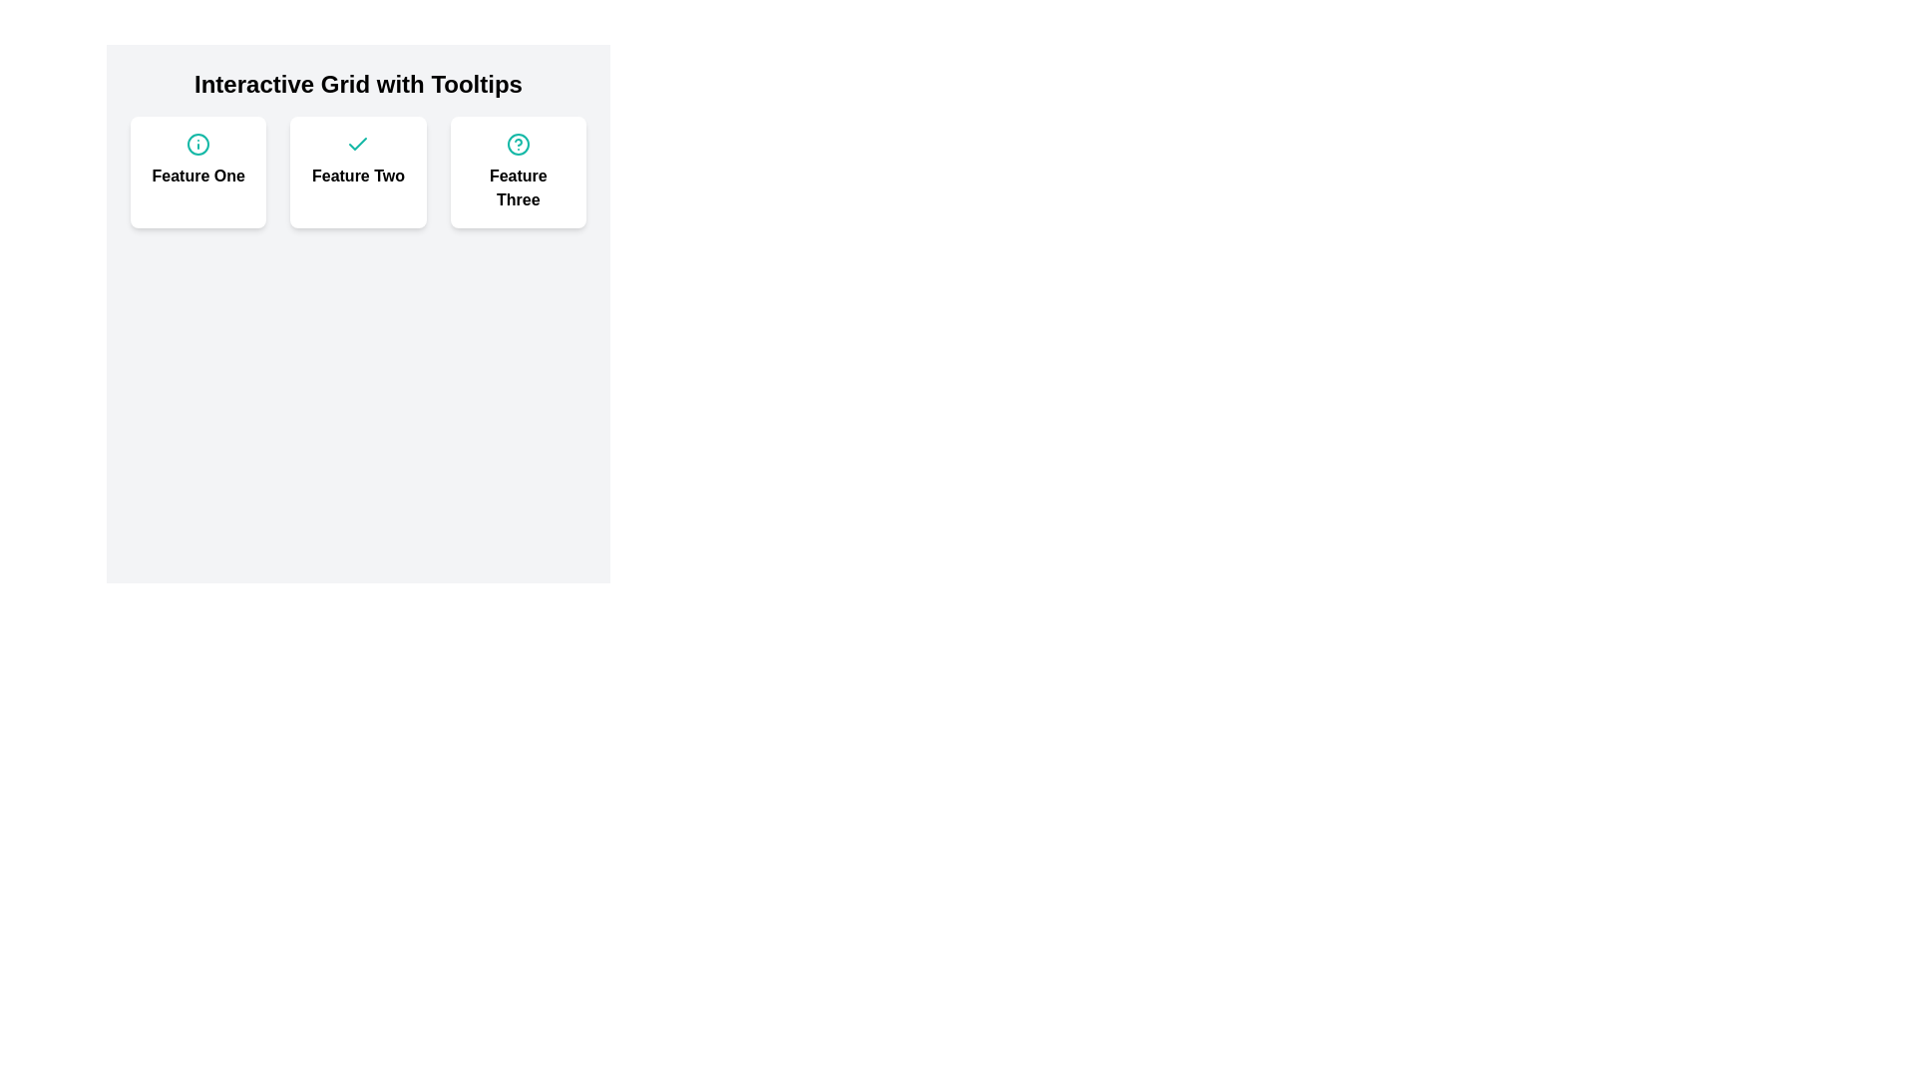  I want to click on the card component that features a bold label for 'Feature Two' and a teal checkmark icon, positioned centrally in the grid layout between 'Feature One' and 'Feature Three', so click(358, 172).